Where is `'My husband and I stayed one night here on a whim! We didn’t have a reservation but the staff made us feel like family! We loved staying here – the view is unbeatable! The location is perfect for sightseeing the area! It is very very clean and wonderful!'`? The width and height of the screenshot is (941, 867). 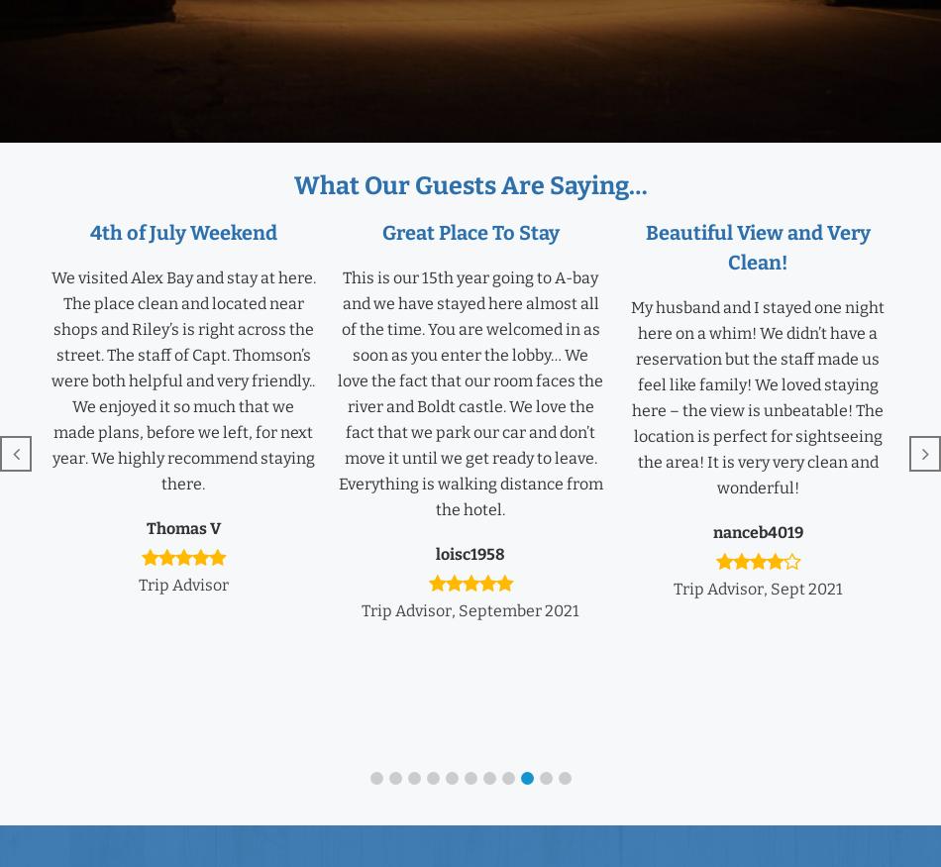
'My husband and I stayed one night here on a whim! We didn’t have a reservation but the staff made us feel like family! We loved staying here – the view is unbeatable! The location is perfect for sightseeing the area! It is very very clean and wonderful!' is located at coordinates (757, 396).